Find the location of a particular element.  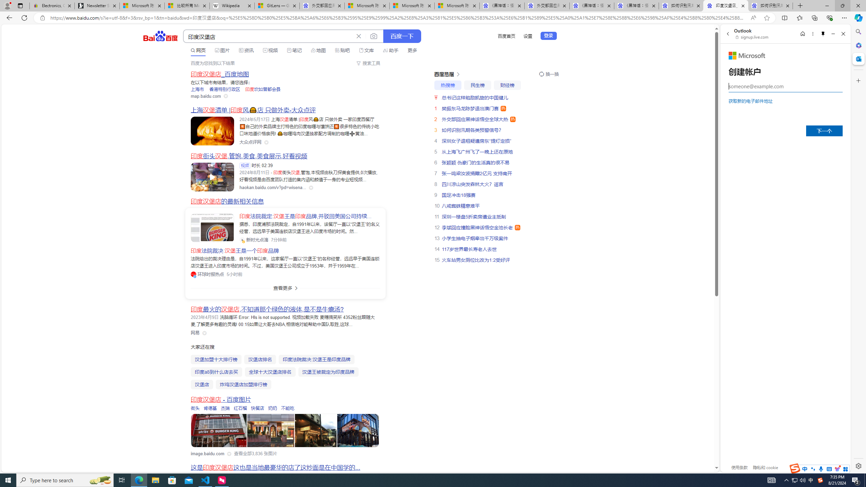

'Newsletter Sign Up' is located at coordinates (96, 5).